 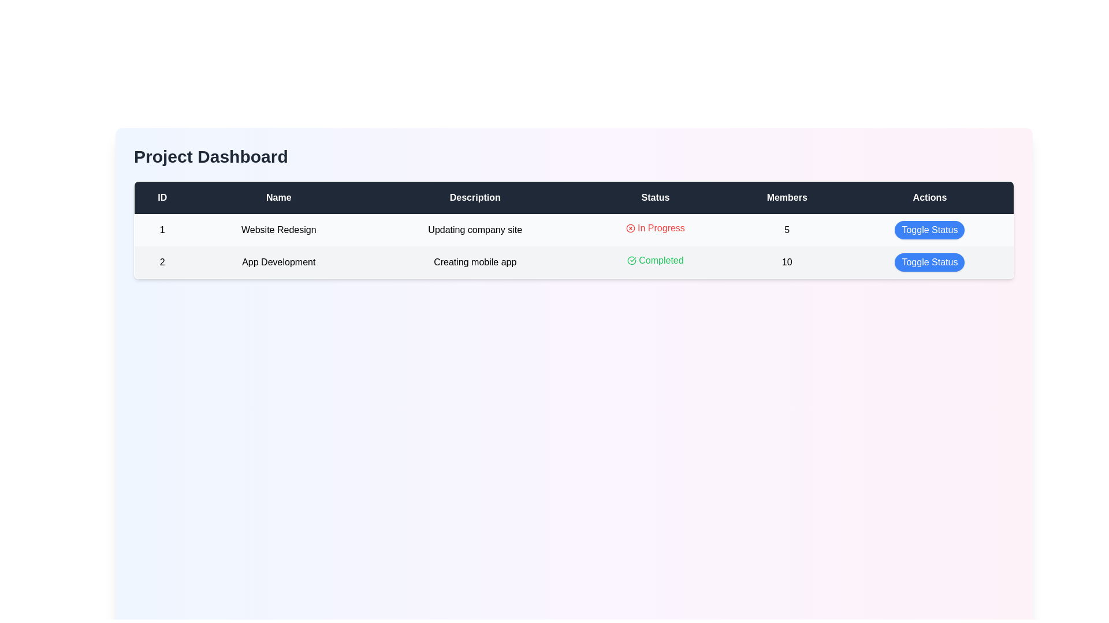 I want to click on the 'Toggle Status' button, which has a blue background and white text, located in the first row of the 'Actions' column in the 'Project Dashboard' interface, so click(x=929, y=230).